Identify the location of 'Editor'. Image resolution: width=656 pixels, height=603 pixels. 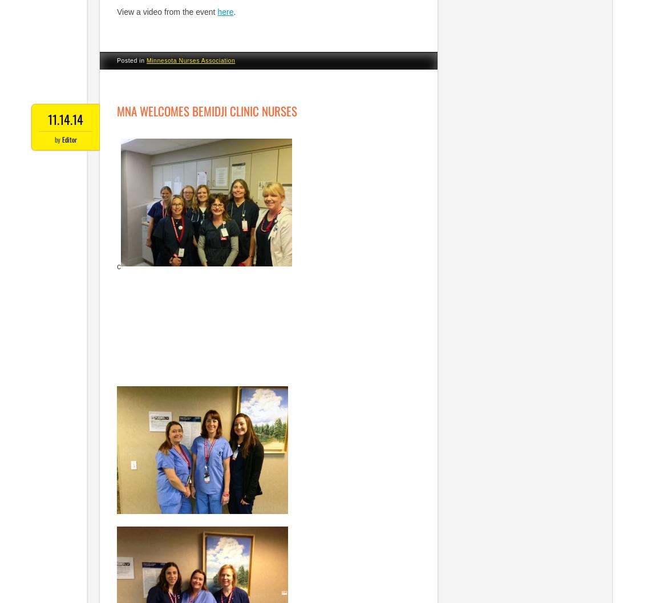
(68, 139).